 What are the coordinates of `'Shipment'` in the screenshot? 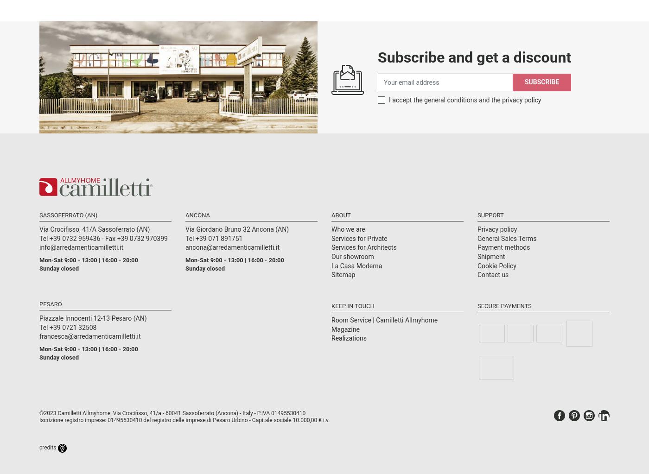 It's located at (491, 256).